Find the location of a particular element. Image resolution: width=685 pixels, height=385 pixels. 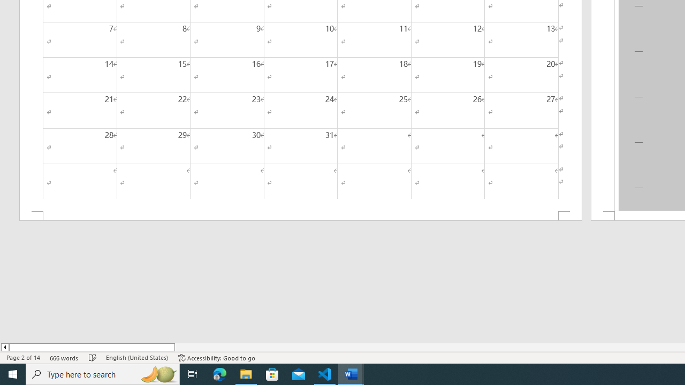

'Page Number Page 2 of 14' is located at coordinates (23, 358).